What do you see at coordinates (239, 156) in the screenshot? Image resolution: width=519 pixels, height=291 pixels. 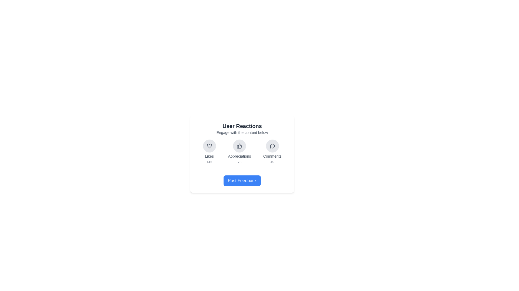 I see `the text label beneath the thumbs-up icon in the 'User Reactions' section, which denotes appreciation or positive reactions` at bounding box center [239, 156].